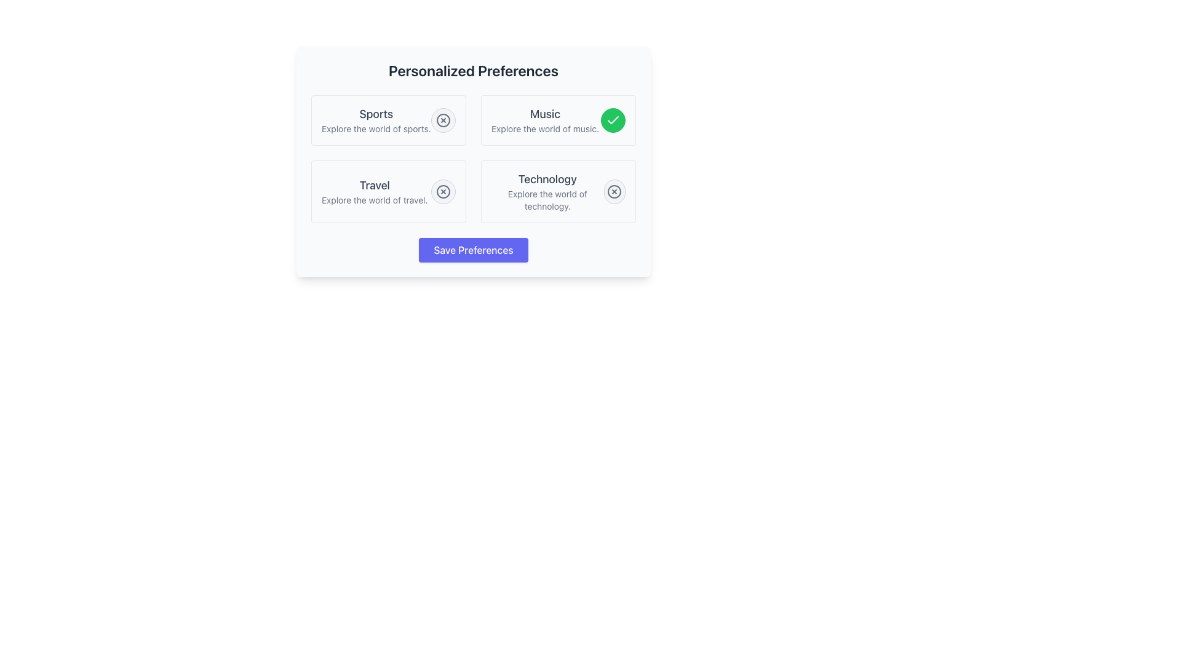  Describe the element at coordinates (443, 192) in the screenshot. I see `the circular icon button with a gray outer ring and a cross mark (X) centered inside to deselect the travel preference` at that location.